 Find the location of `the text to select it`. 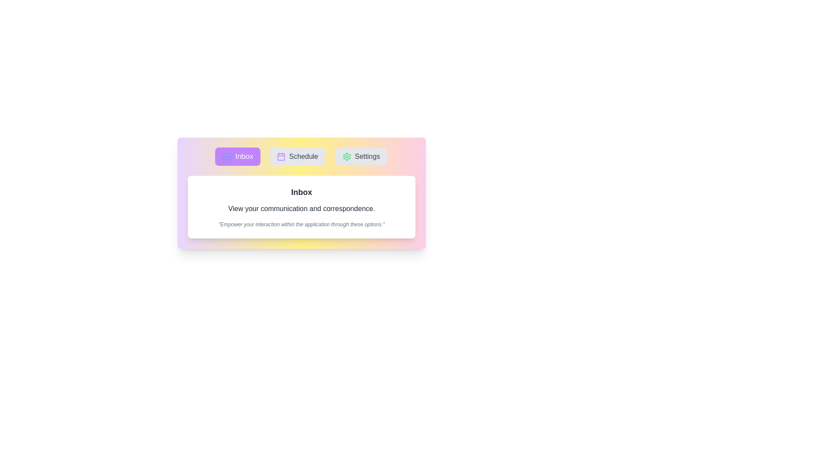

the text to select it is located at coordinates (301, 192).